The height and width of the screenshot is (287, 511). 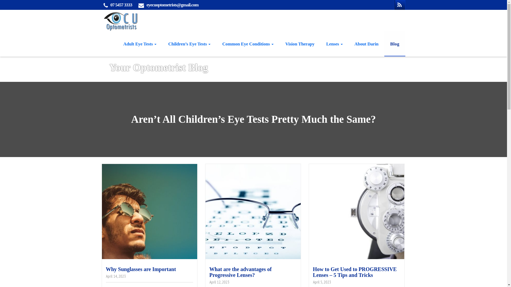 What do you see at coordinates (101, 20) in the screenshot?
I see `'Eye CU Optometrist'` at bounding box center [101, 20].